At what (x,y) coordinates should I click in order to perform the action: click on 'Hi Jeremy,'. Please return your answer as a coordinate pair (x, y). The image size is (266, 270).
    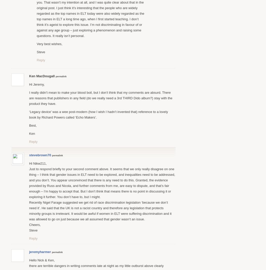
    Looking at the image, I should click on (36, 84).